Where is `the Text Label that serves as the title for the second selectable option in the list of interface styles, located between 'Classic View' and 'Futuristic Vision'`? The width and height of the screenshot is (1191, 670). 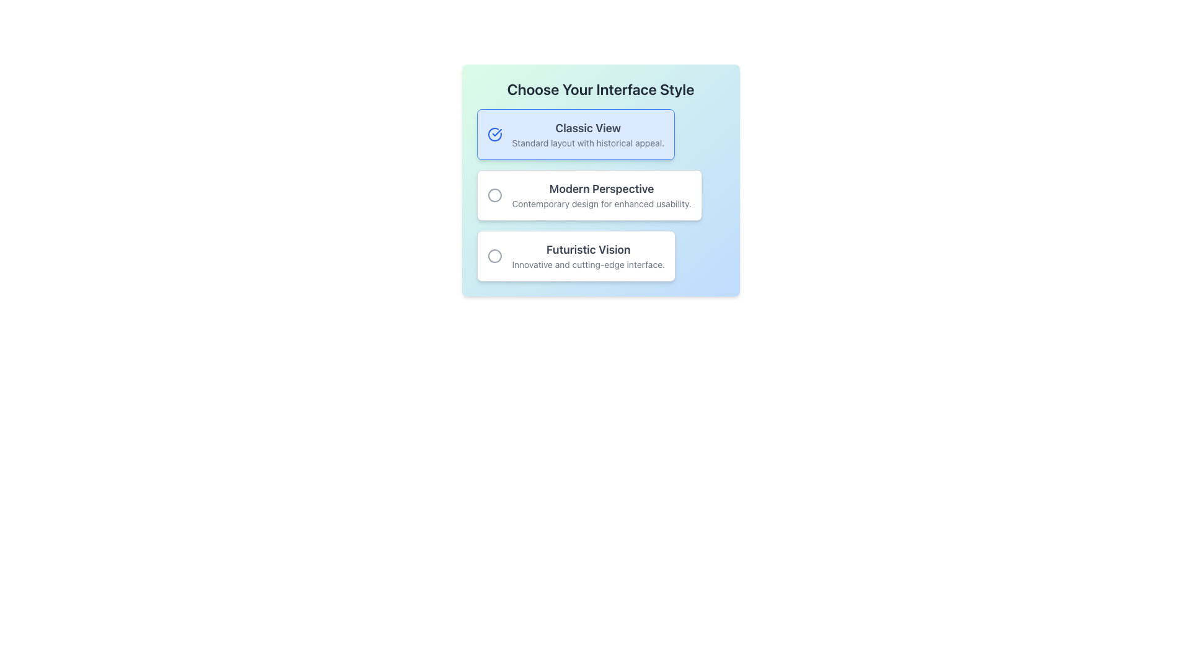
the Text Label that serves as the title for the second selectable option in the list of interface styles, located between 'Classic View' and 'Futuristic Vision' is located at coordinates (601, 189).